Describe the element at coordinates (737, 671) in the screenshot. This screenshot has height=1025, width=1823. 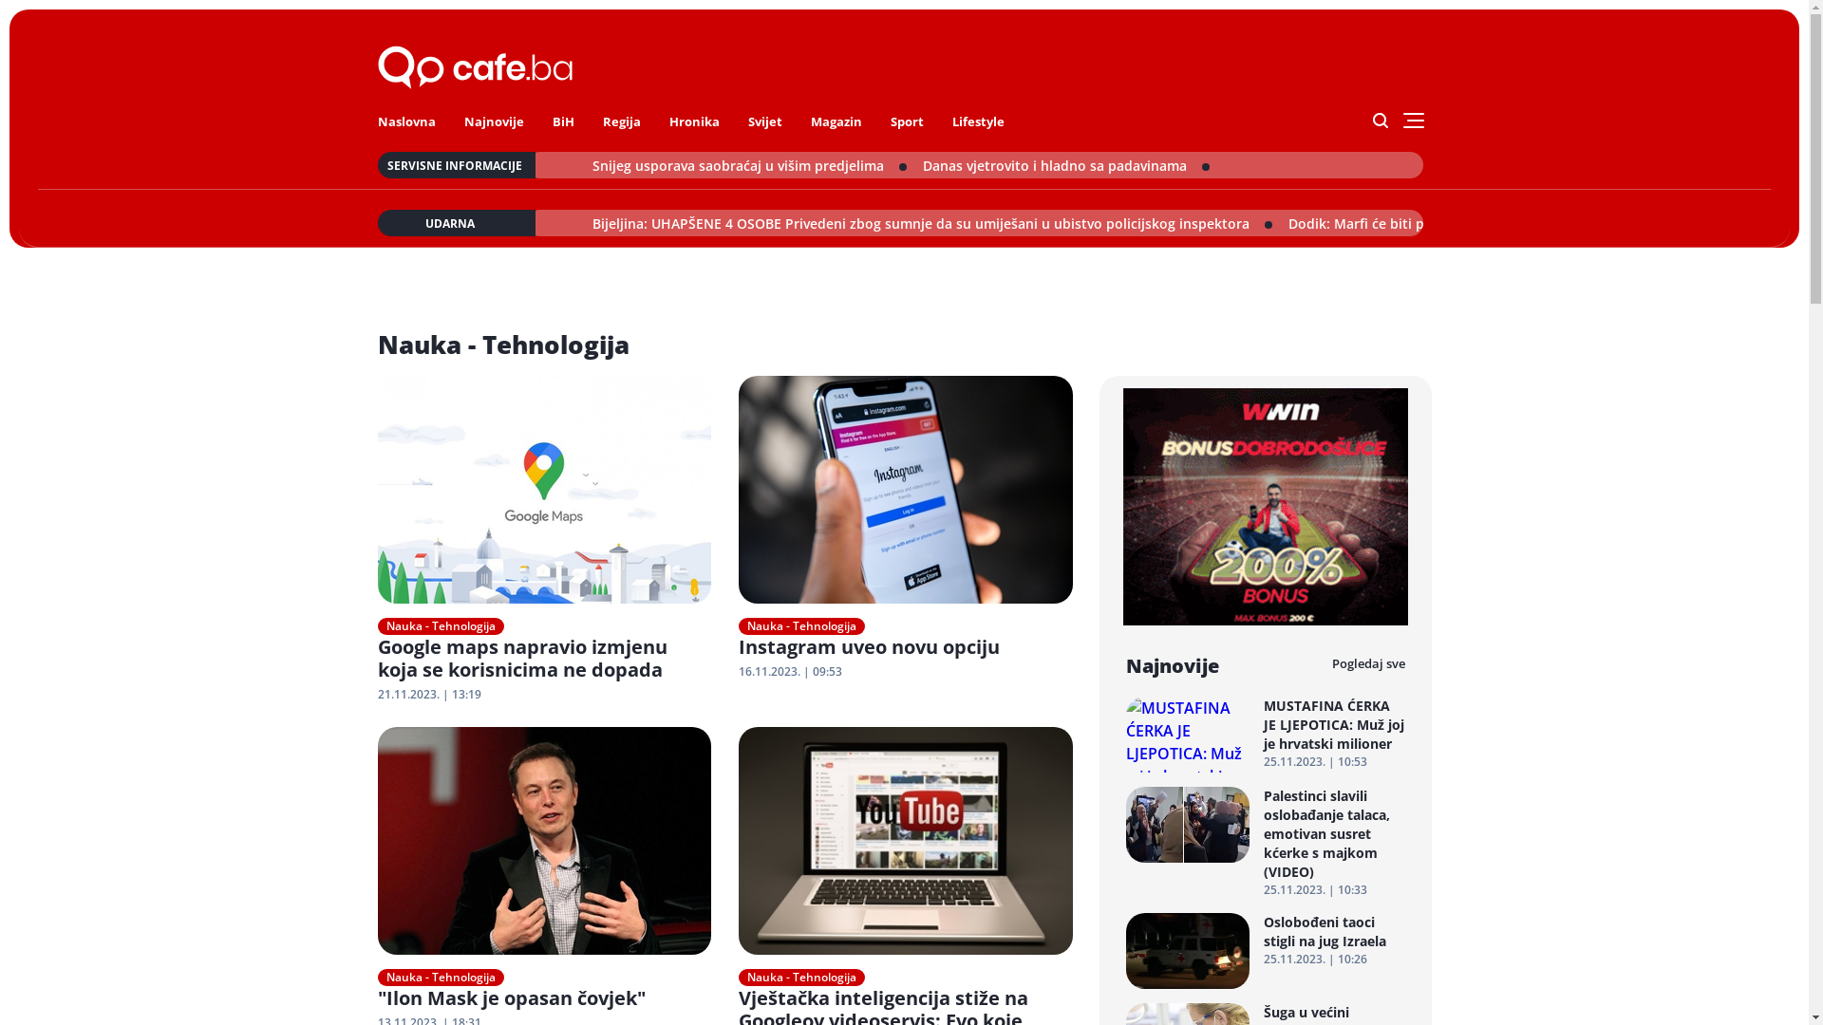
I see `'16.11.2023. | 09:53'` at that location.